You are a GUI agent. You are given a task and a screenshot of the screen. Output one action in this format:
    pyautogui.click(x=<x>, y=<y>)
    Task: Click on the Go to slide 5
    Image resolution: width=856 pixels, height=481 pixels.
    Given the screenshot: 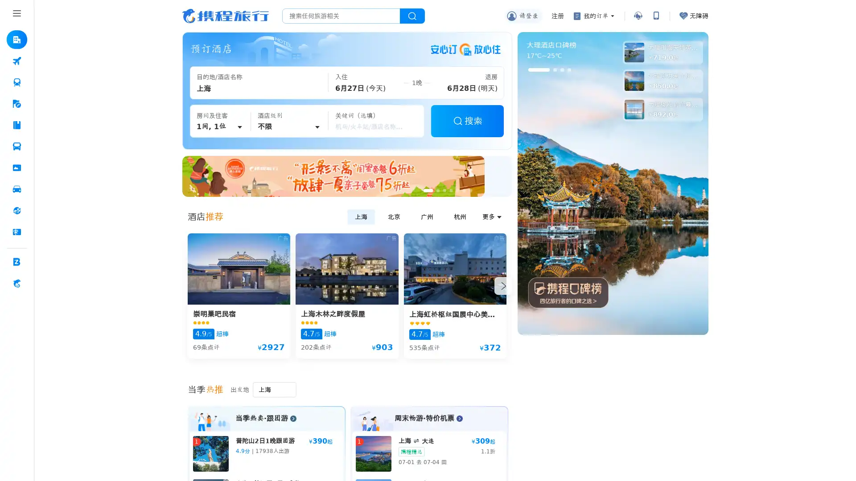 What is the action you would take?
    pyautogui.click(x=481, y=193)
    